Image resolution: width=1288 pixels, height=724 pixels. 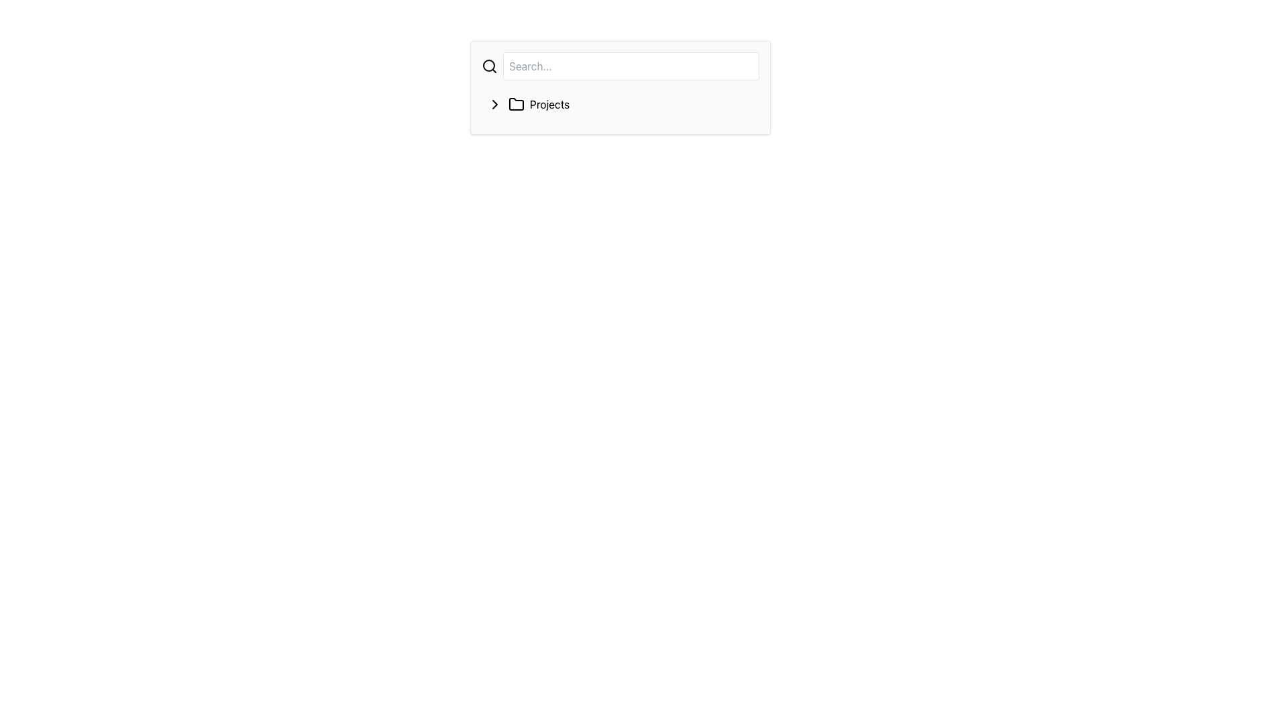 What do you see at coordinates (549, 103) in the screenshot?
I see `the 'Projects' text label which indicates a section related to projects, located within a row aligned with a folder icon and an SVG arrow icon` at bounding box center [549, 103].